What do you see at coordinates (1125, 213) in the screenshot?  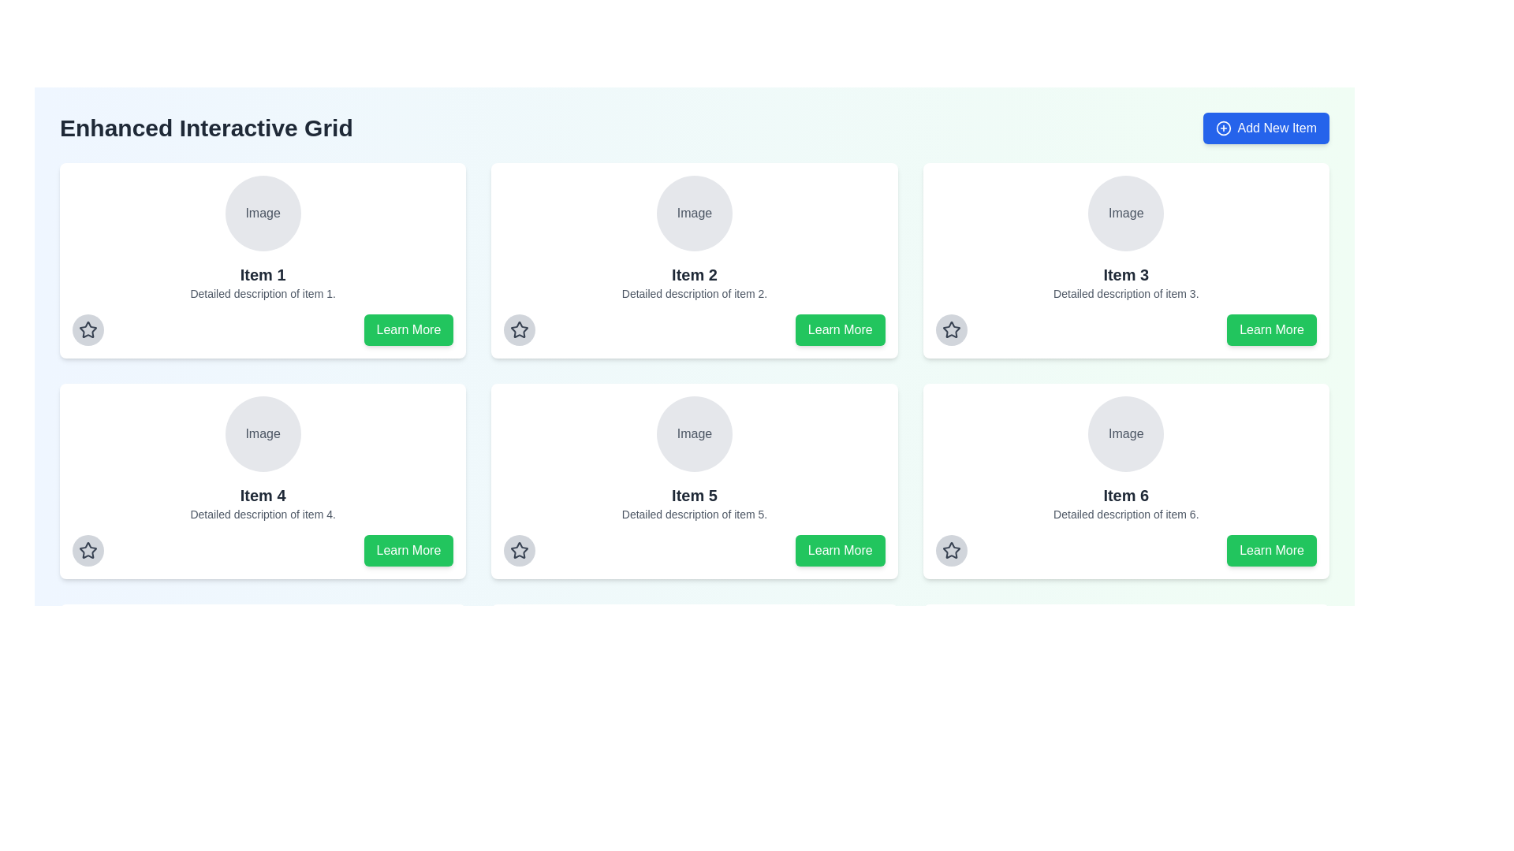 I see `the text label indicating the area for the image display inside the third card of the 'Enhanced Interactive Grid' section, which is centered within a circular gray background at the top of 'Item 3'` at bounding box center [1125, 213].